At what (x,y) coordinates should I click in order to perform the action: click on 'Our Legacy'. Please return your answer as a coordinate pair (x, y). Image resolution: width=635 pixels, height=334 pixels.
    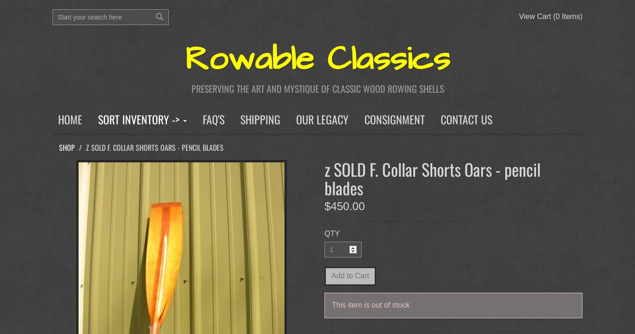
    Looking at the image, I should click on (322, 118).